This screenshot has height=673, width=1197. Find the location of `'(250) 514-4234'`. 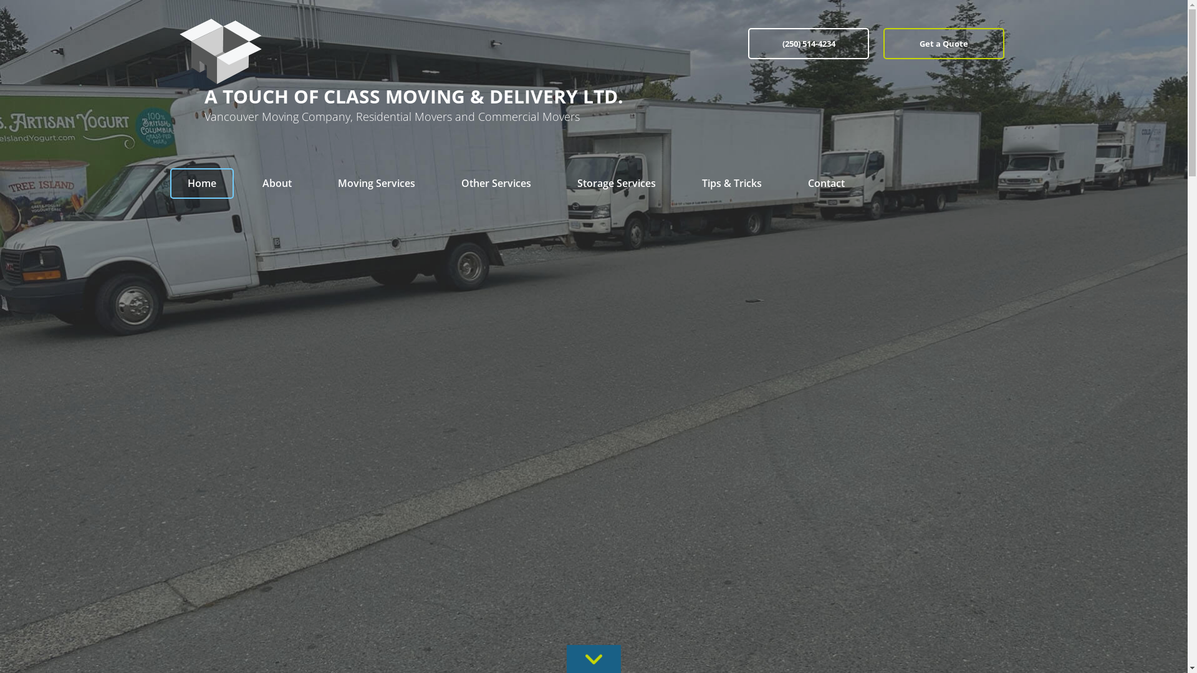

'(250) 514-4234' is located at coordinates (748, 42).